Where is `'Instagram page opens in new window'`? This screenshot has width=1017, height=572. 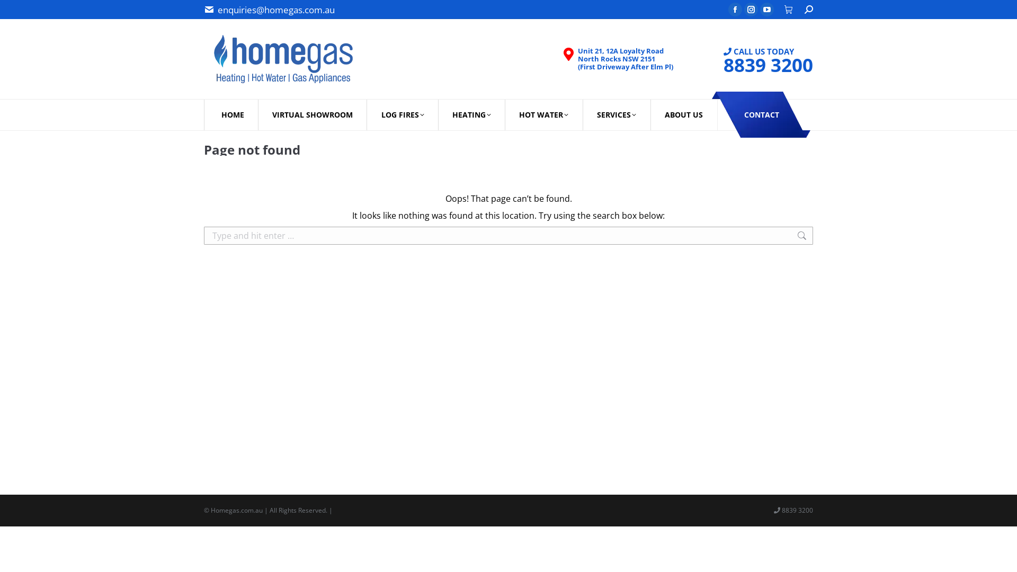 'Instagram page opens in new window' is located at coordinates (750, 10).